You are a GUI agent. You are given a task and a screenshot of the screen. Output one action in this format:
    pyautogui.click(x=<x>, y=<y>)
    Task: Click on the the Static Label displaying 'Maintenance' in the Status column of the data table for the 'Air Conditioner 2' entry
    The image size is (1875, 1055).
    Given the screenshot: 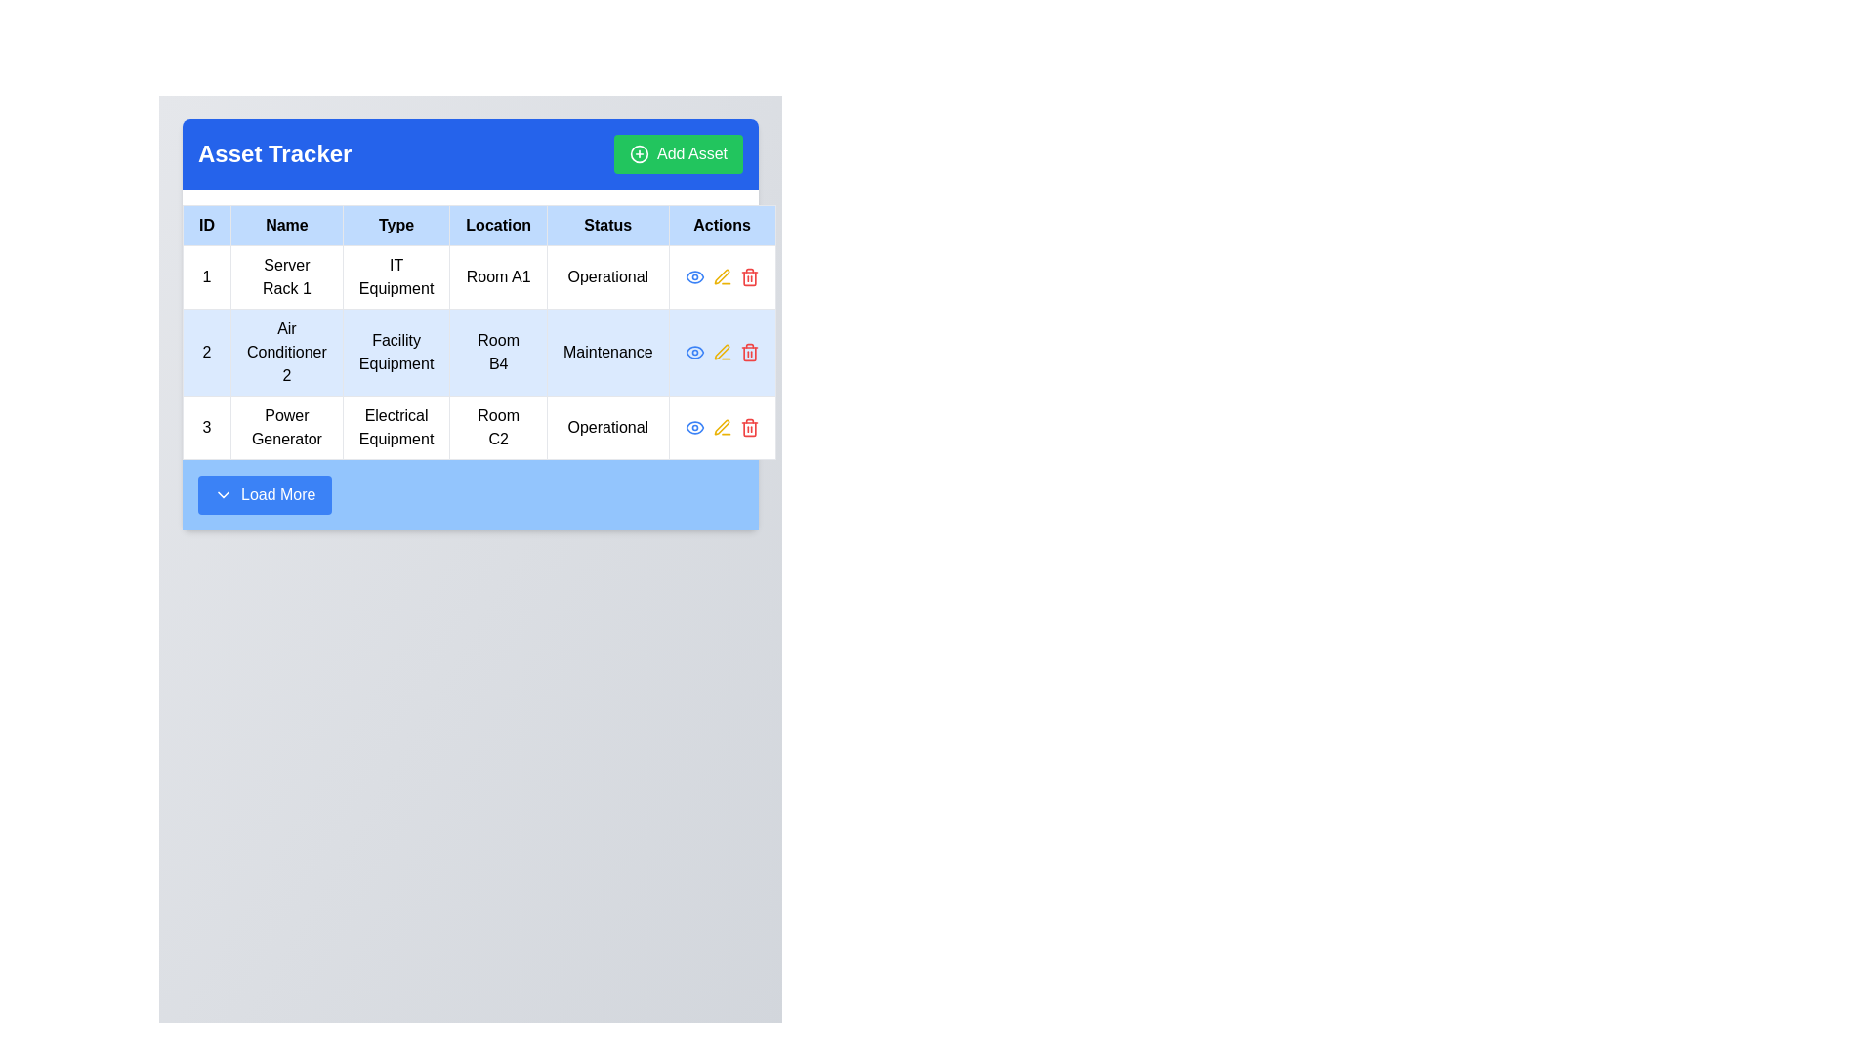 What is the action you would take?
    pyautogui.click(x=606, y=353)
    